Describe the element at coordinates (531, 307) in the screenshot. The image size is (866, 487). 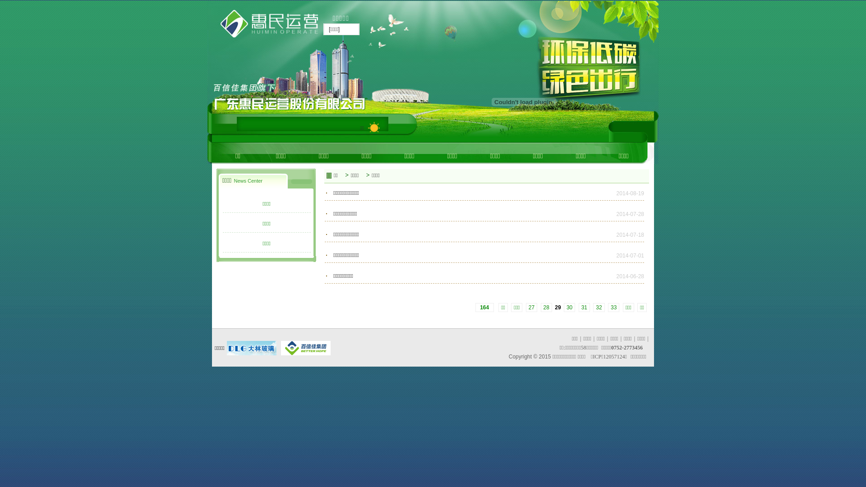
I see `'27'` at that location.